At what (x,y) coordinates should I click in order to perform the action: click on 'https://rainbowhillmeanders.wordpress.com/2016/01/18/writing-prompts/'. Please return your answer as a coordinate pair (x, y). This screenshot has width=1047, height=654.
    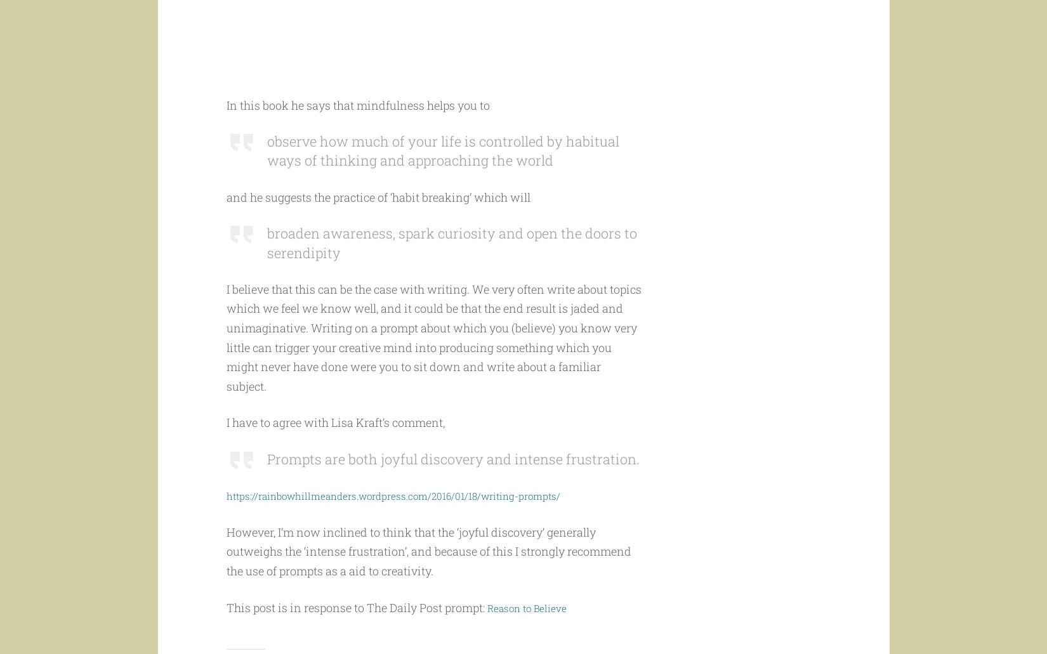
    Looking at the image, I should click on (420, 519).